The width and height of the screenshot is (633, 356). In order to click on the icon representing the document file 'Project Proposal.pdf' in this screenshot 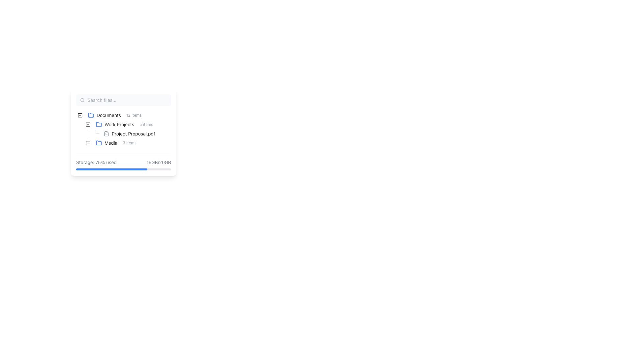, I will do `click(106, 133)`.